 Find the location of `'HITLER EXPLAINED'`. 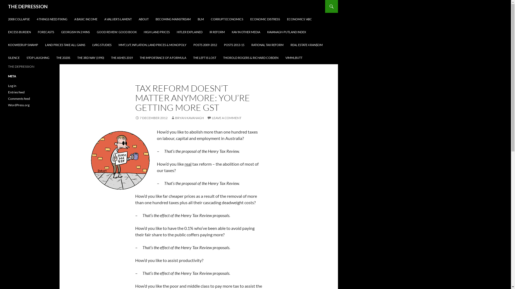

'HITLER EXPLAINED' is located at coordinates (189, 32).